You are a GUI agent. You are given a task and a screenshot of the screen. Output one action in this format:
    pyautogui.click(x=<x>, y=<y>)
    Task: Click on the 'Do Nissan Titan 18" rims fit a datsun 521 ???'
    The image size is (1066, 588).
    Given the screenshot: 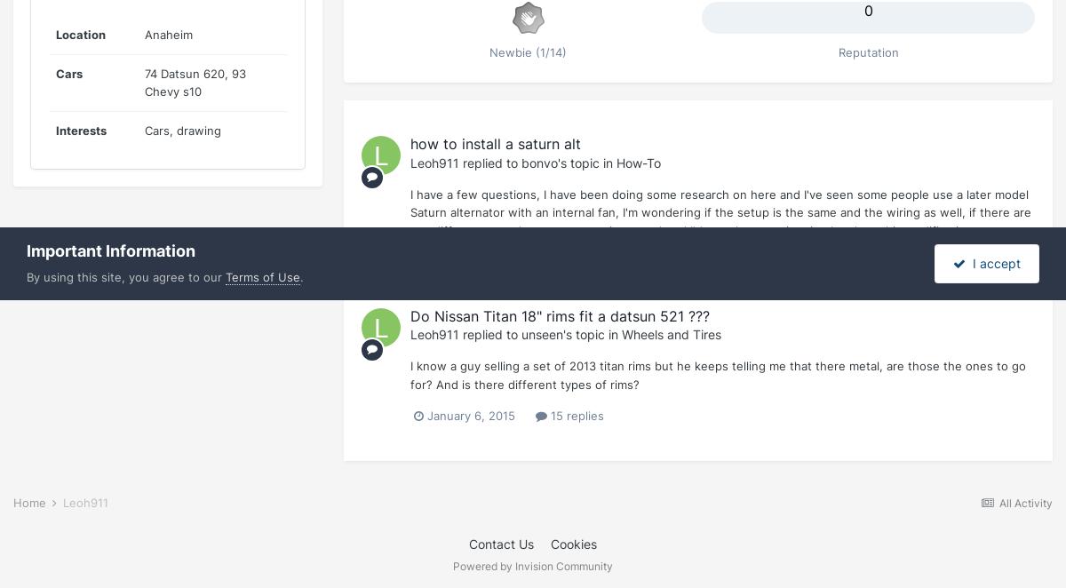 What is the action you would take?
    pyautogui.click(x=560, y=316)
    